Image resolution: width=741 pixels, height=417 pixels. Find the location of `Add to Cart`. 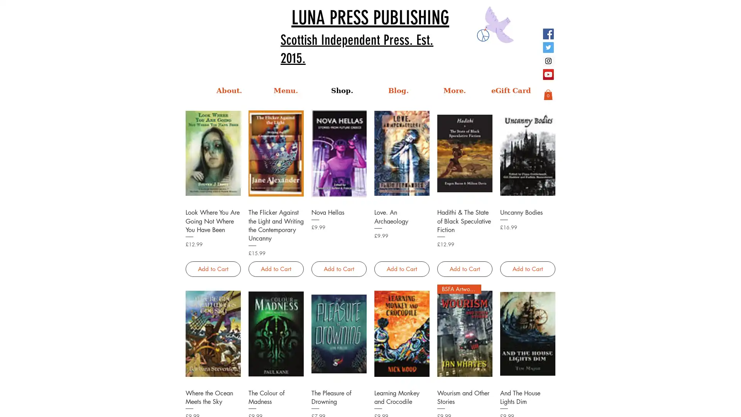

Add to Cart is located at coordinates (464, 268).